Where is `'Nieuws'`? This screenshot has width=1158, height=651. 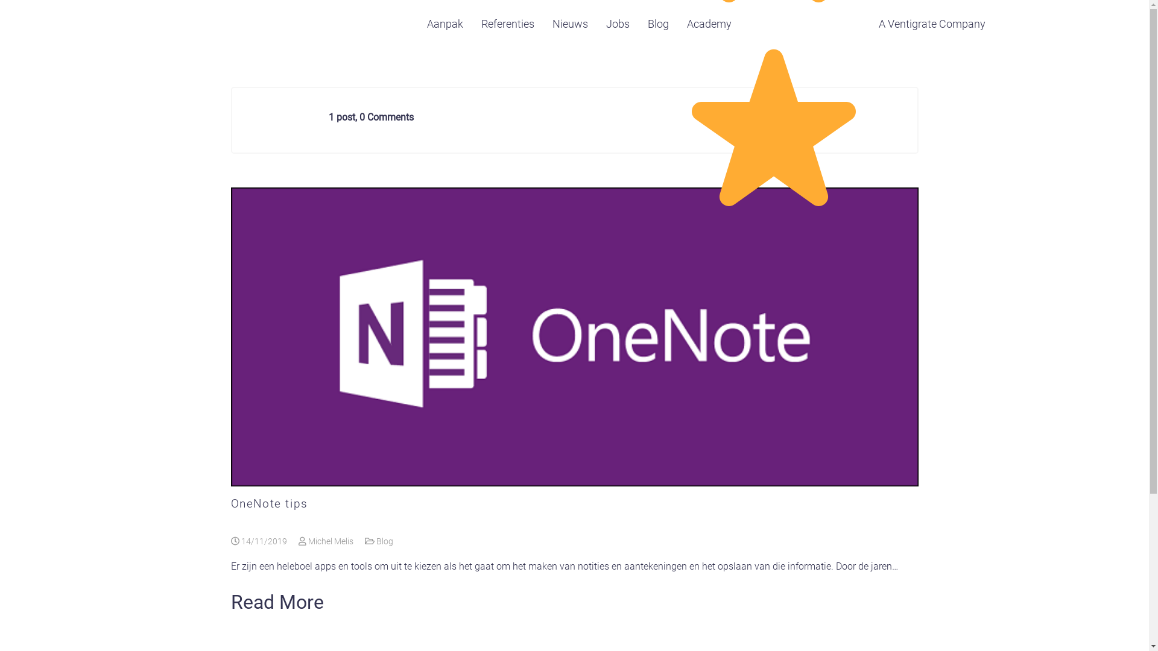
'Nieuws' is located at coordinates (569, 24).